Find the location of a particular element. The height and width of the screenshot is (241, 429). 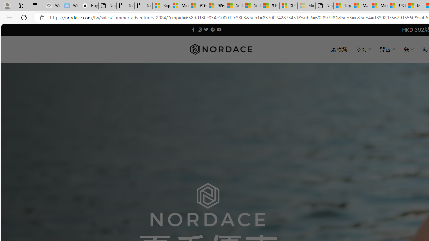

'Sign in to your Microsoft account' is located at coordinates (162, 6).